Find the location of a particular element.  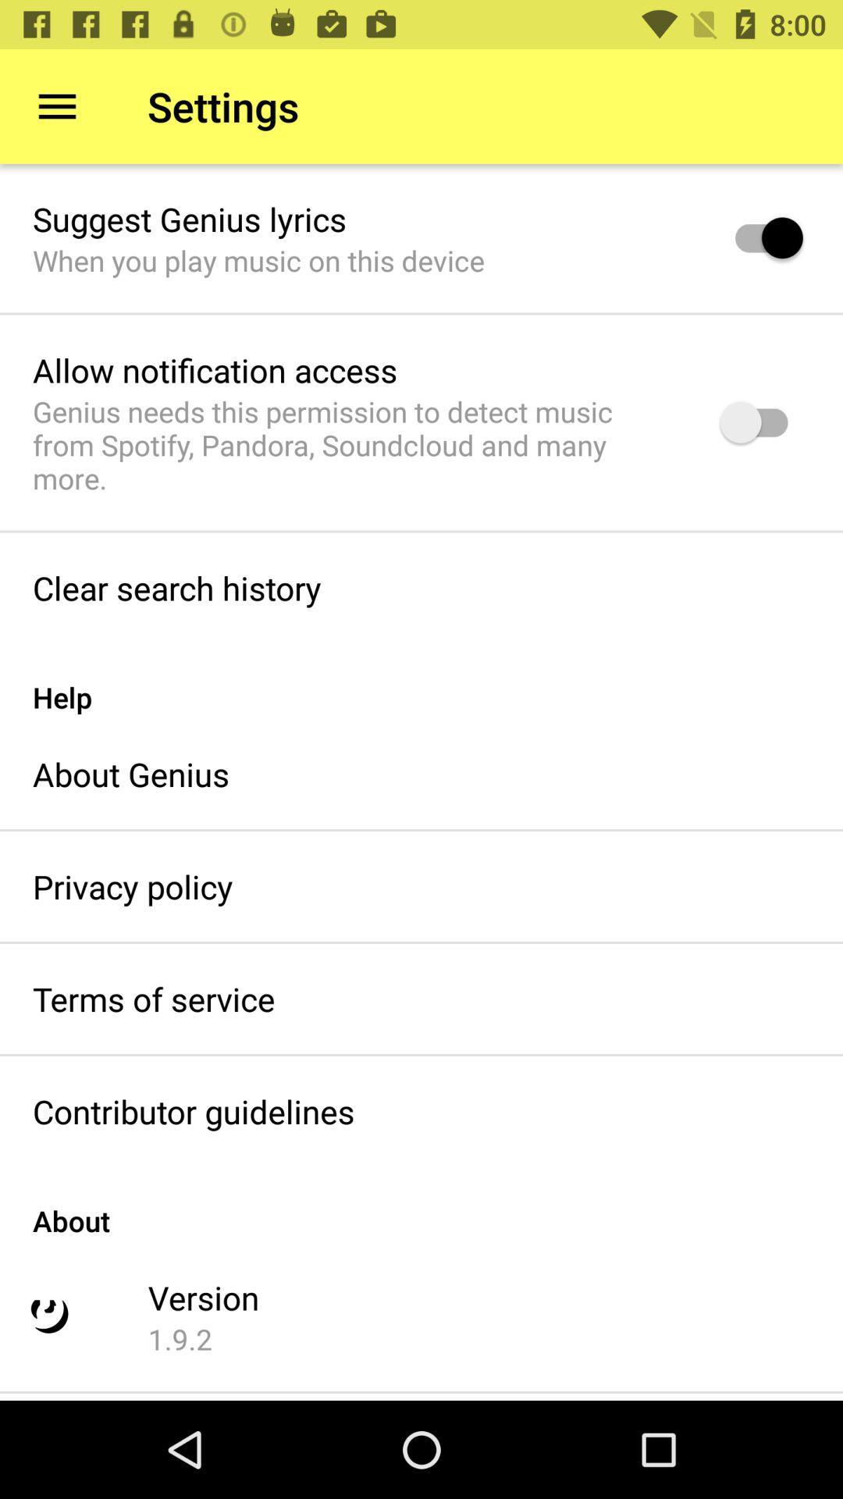

icon above the suggest genius lyrics is located at coordinates (56, 105).